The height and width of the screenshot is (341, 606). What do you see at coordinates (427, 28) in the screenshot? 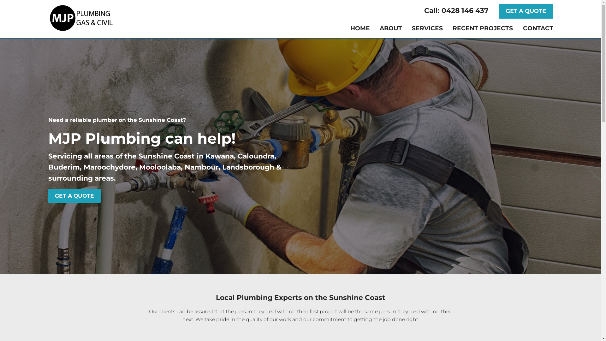
I see `'SERVICES'` at bounding box center [427, 28].